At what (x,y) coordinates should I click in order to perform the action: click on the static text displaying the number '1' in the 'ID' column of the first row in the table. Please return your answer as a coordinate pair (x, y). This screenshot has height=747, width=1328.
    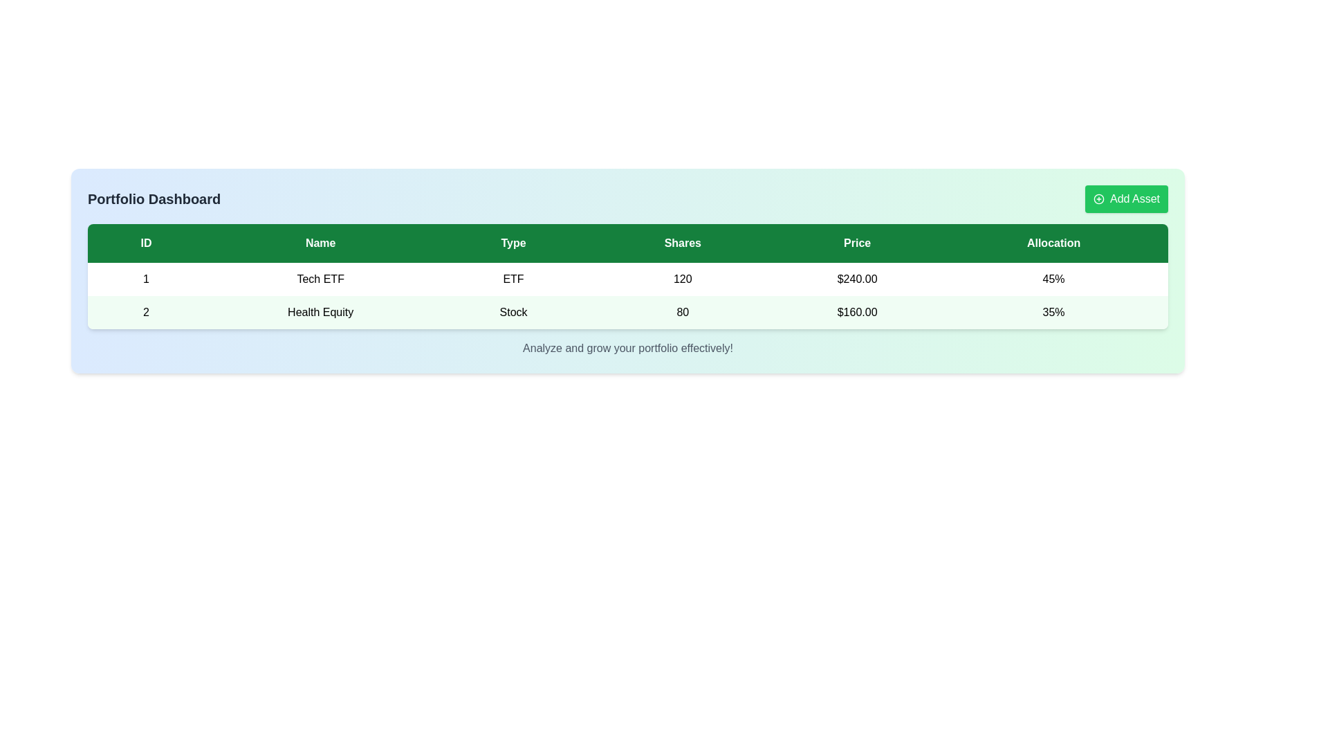
    Looking at the image, I should click on (146, 279).